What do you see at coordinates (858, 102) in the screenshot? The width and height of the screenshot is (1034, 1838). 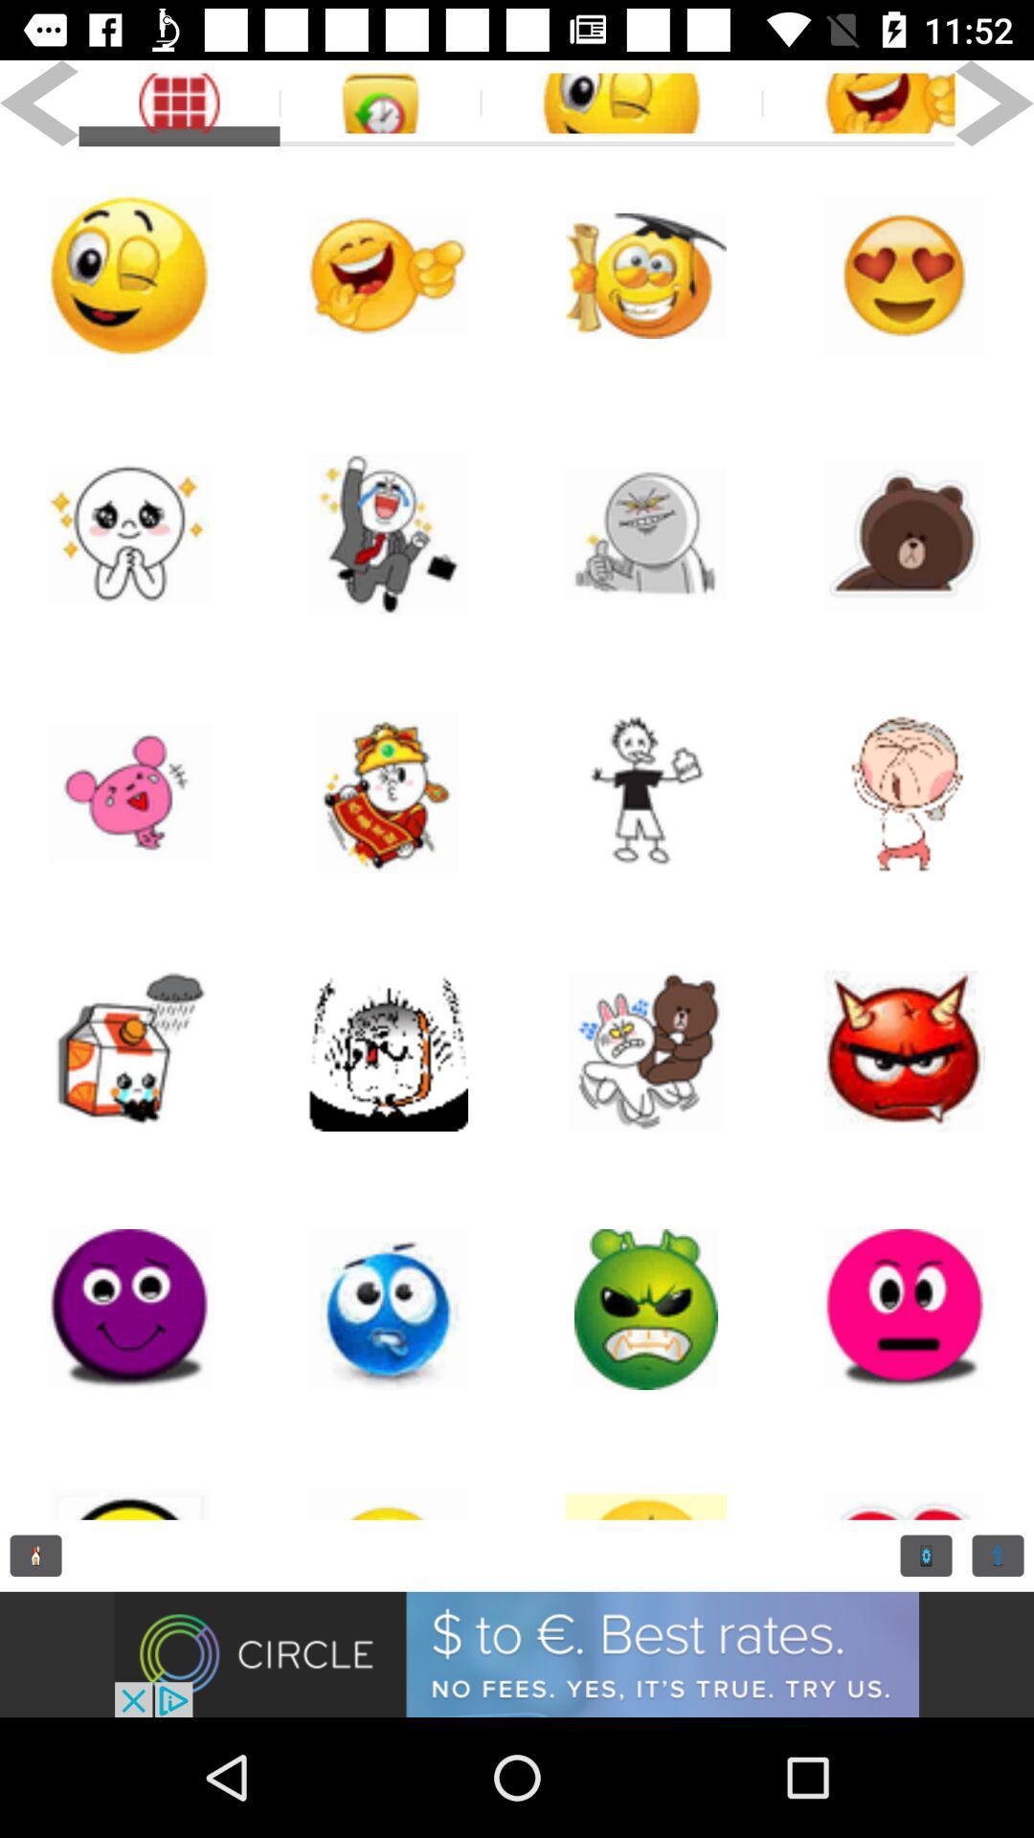 I see `select the laughing smiley` at bounding box center [858, 102].